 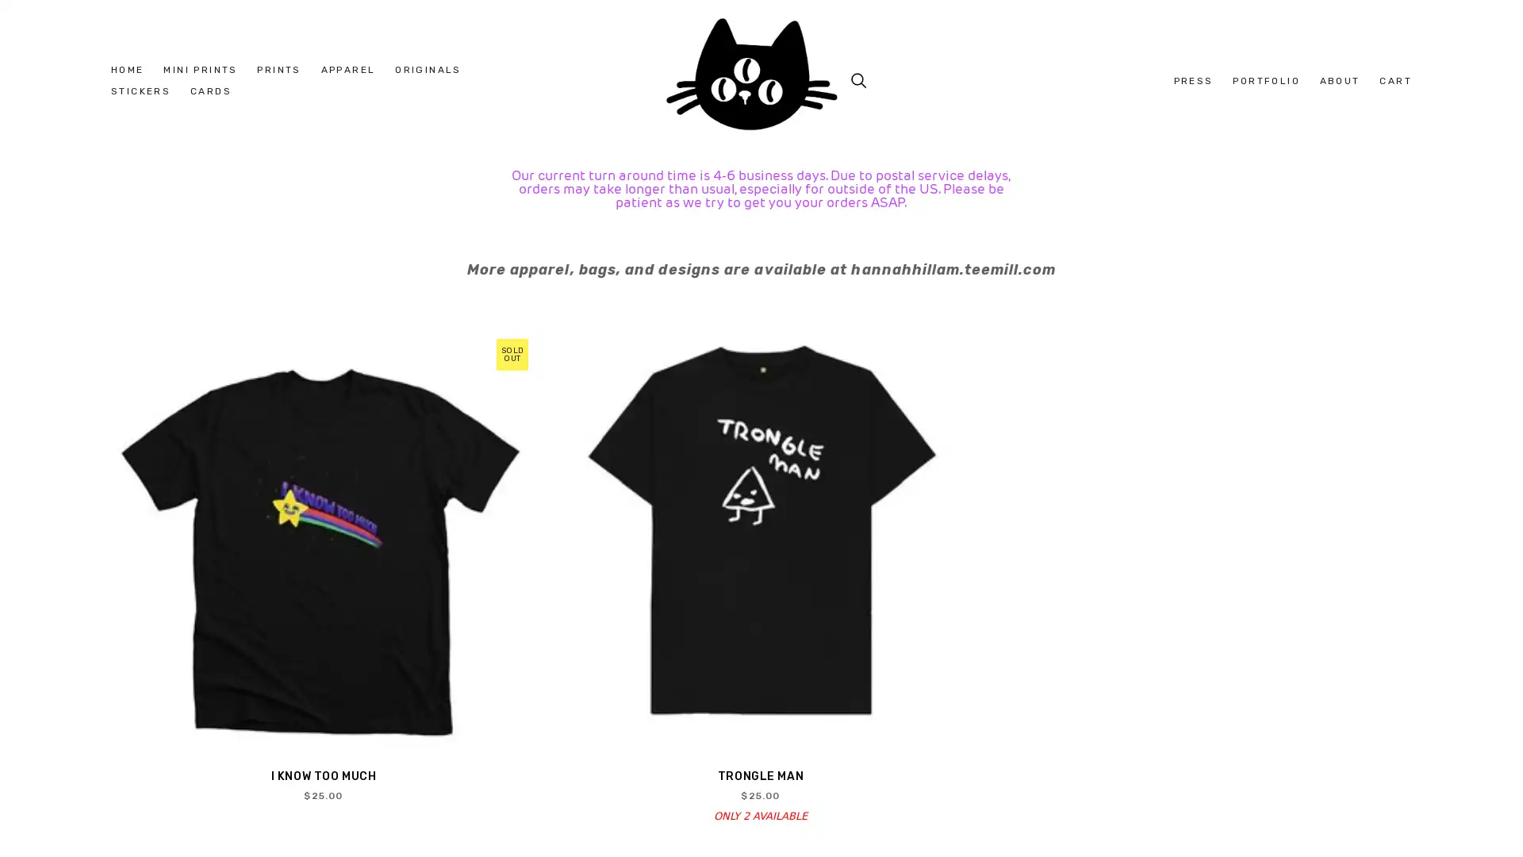 I want to click on QUICK VIEW, so click(x=322, y=565).